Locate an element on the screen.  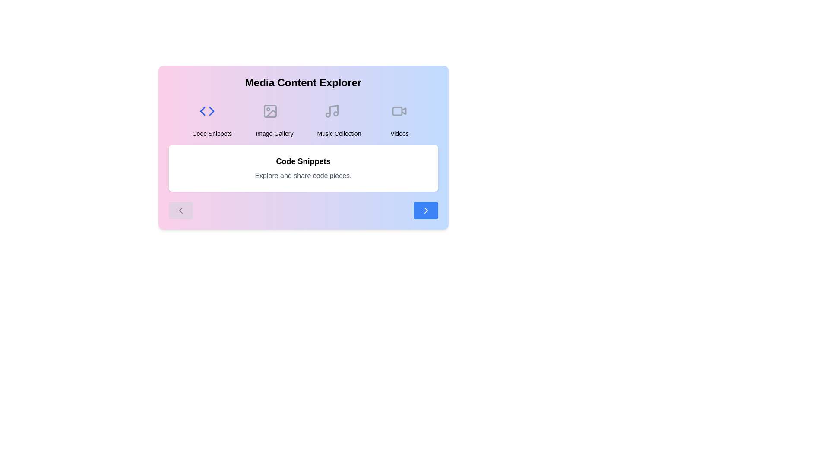
the content category Code Snippets by clicking on its respective button is located at coordinates (212, 117).